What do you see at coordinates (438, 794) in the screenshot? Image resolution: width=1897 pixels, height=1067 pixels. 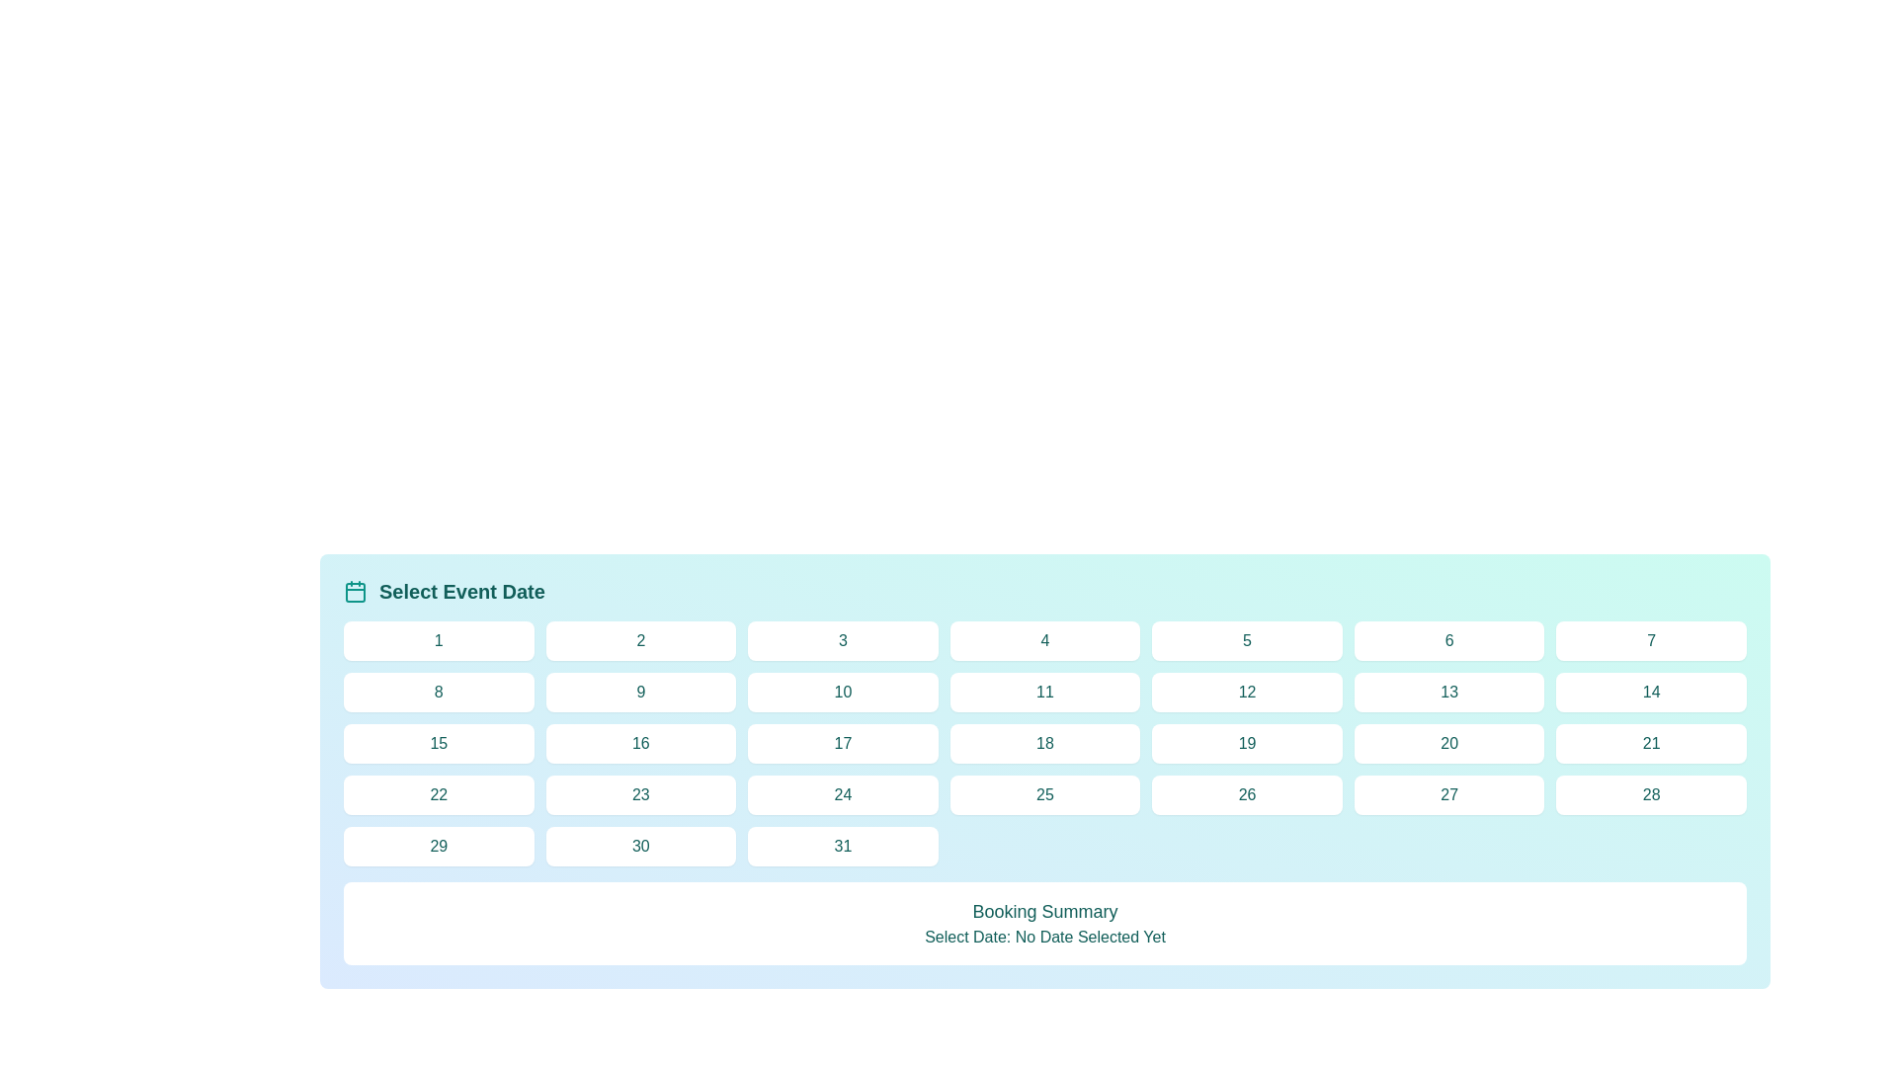 I see `the rectangular button with a white background and teal text displaying '22'` at bounding box center [438, 794].